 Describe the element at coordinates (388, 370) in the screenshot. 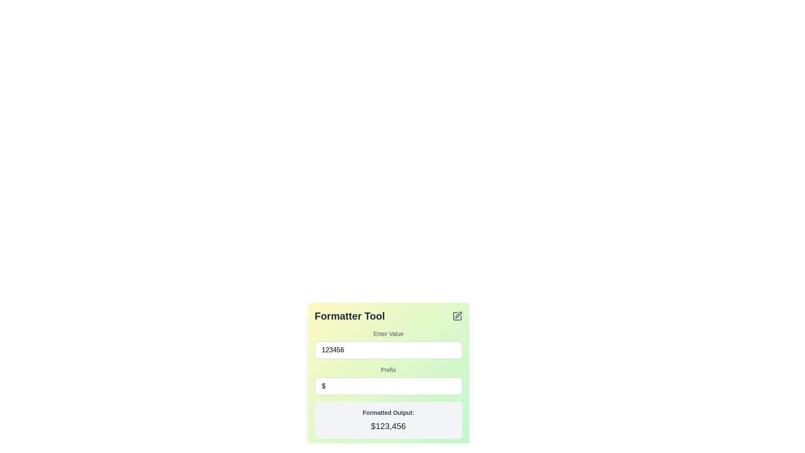

I see `the text label displaying 'Prefix', which is styled with small, gray-colored text and medium-weight font, located above the 'prefixInput' text field` at that location.